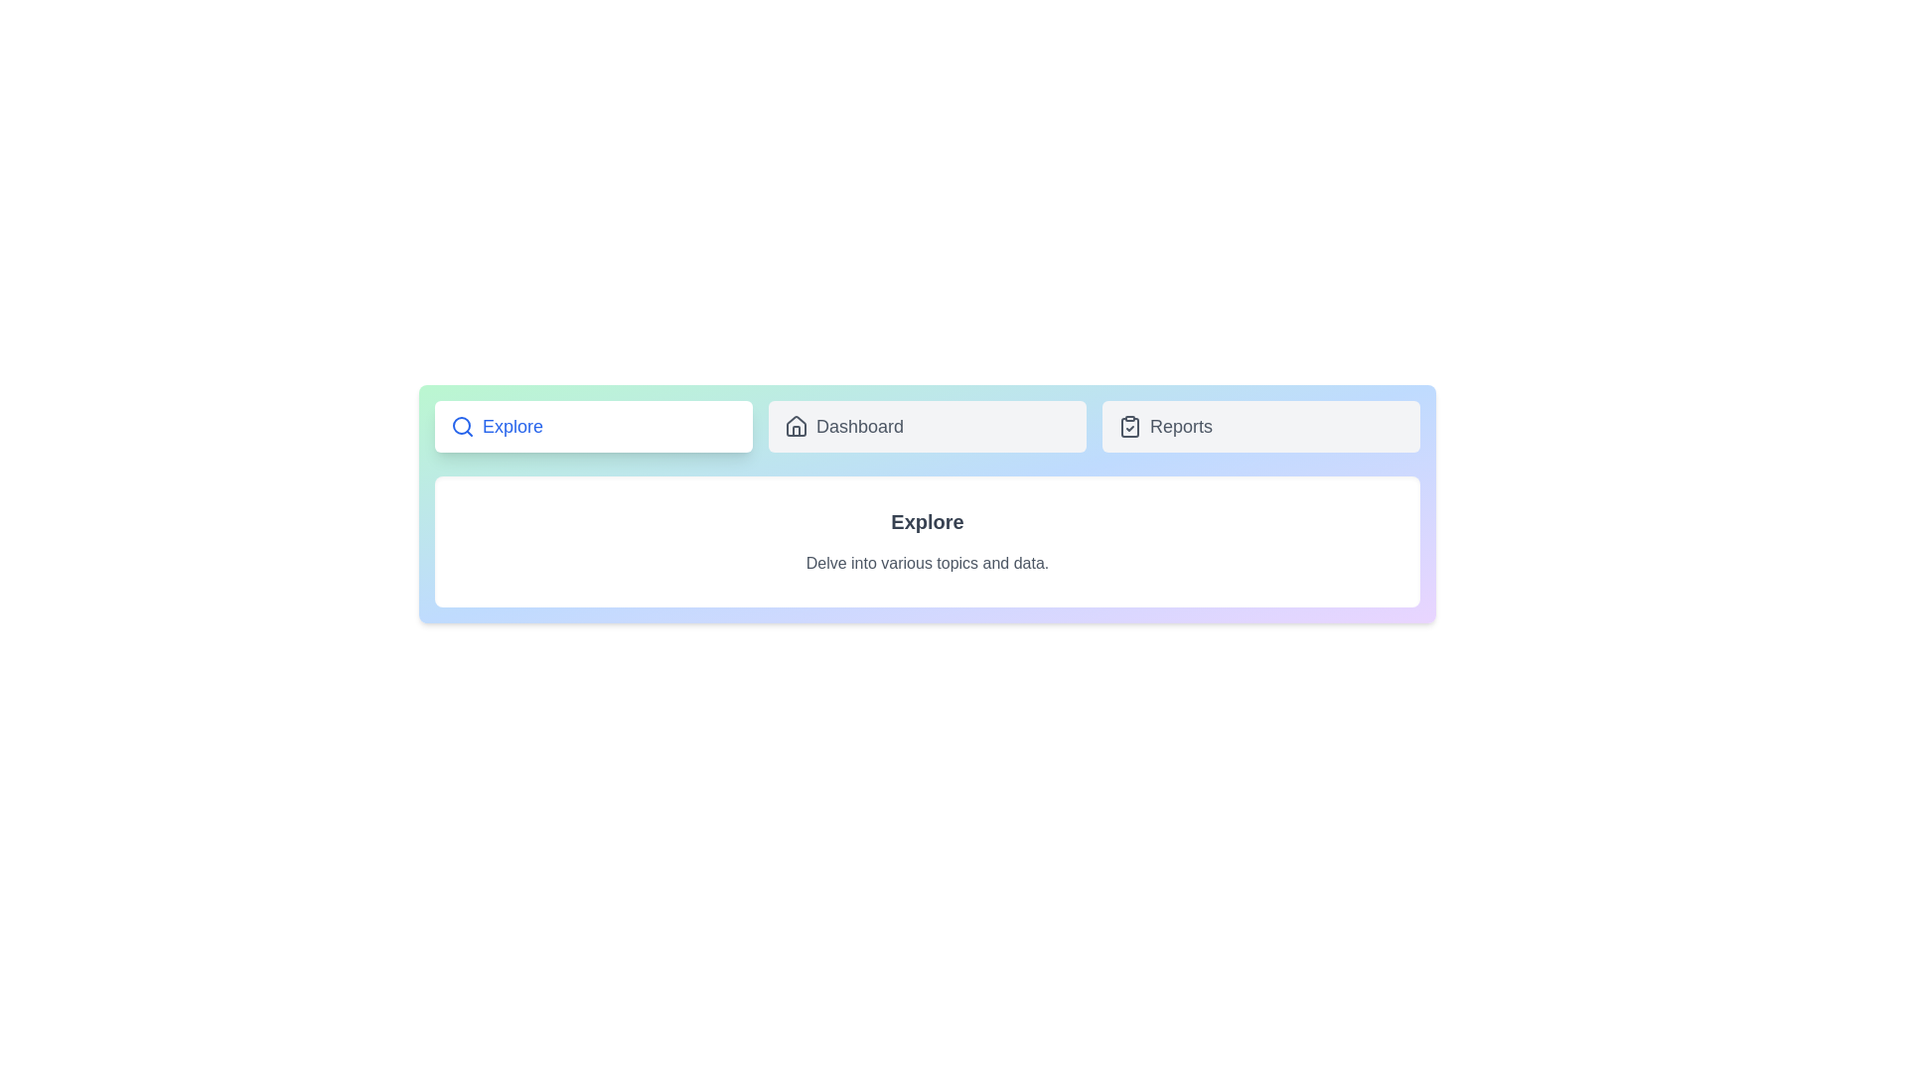 Image resolution: width=1907 pixels, height=1072 pixels. What do you see at coordinates (927, 425) in the screenshot?
I see `the tab identified by Dashboard` at bounding box center [927, 425].